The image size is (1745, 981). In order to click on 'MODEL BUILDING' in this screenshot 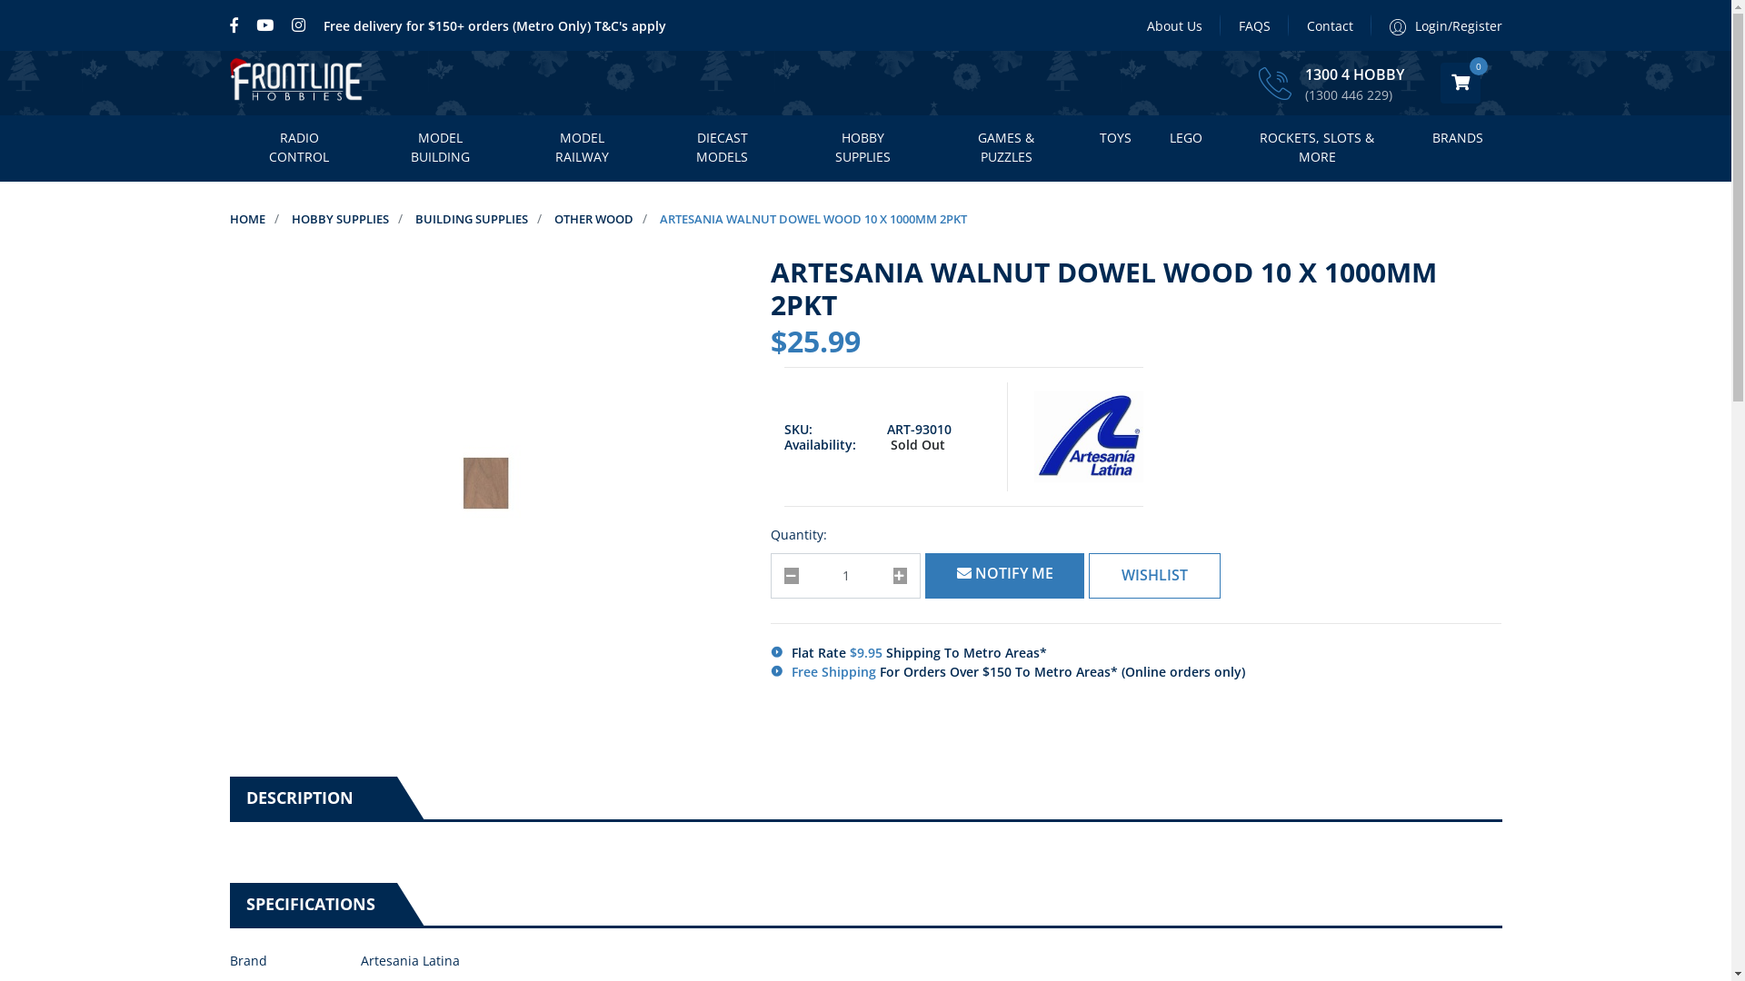, I will do `click(440, 147)`.